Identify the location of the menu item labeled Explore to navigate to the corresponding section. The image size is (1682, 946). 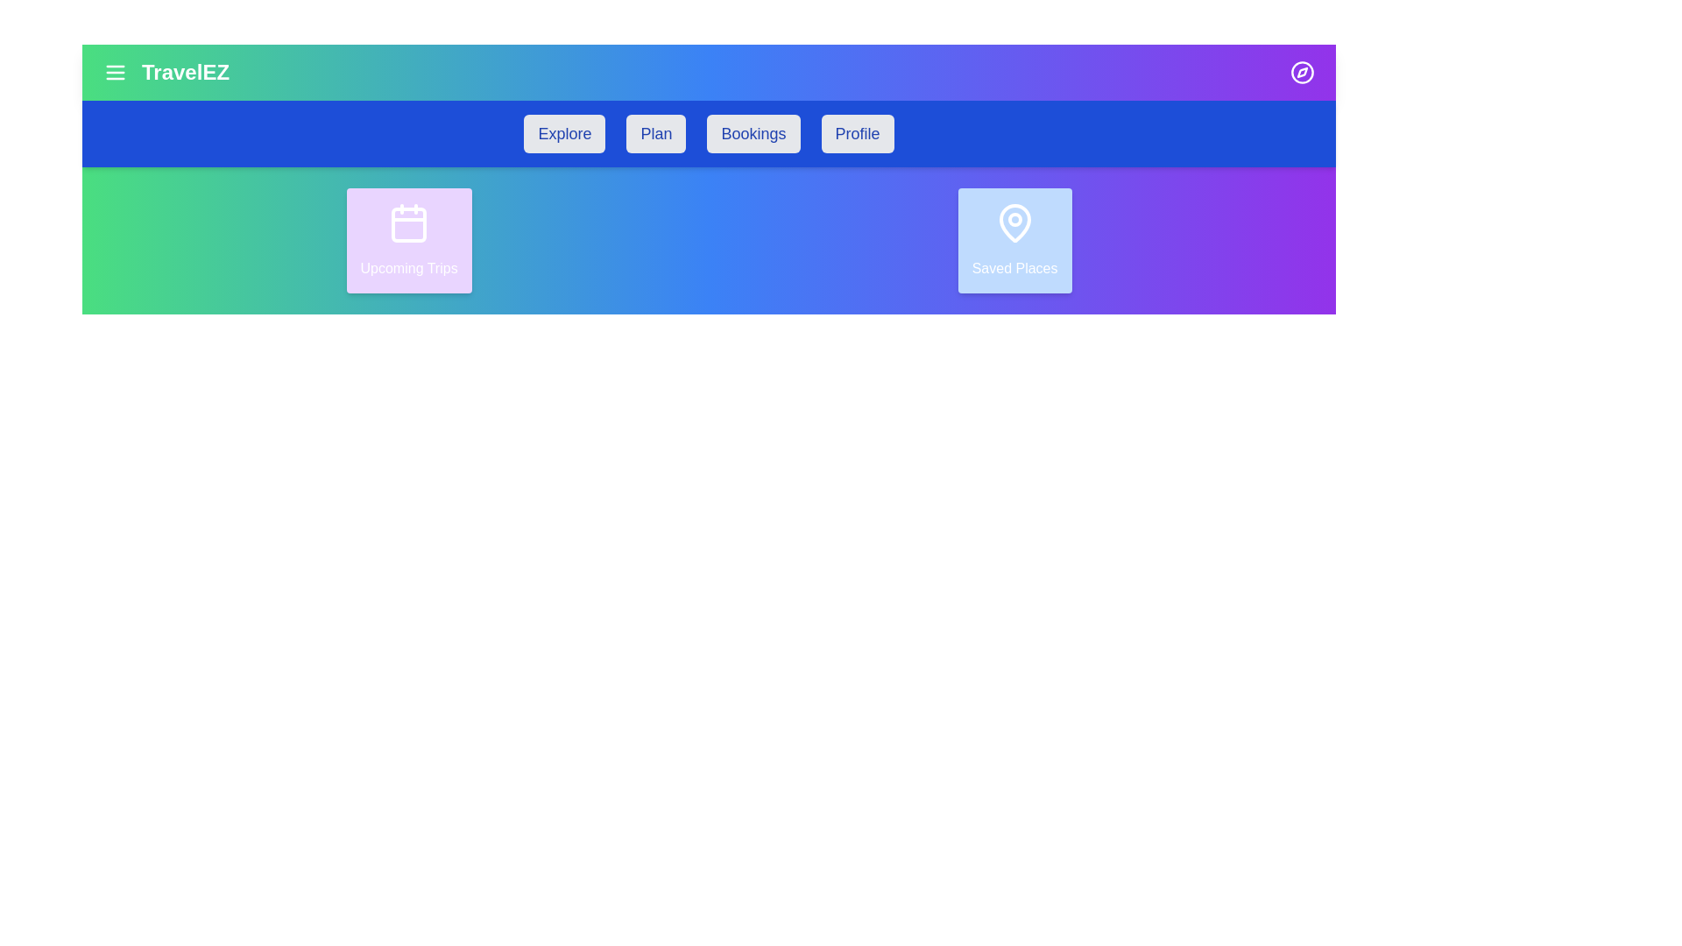
(564, 133).